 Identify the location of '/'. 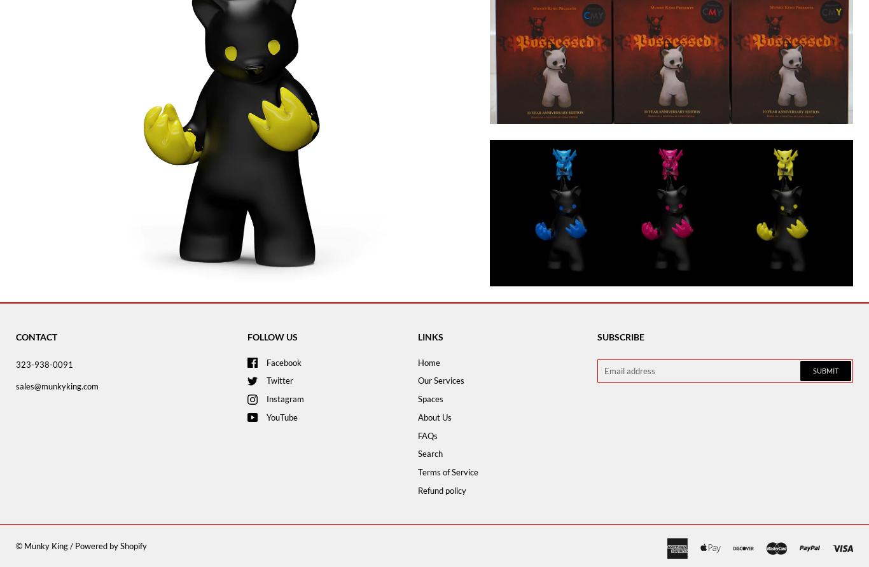
(71, 544).